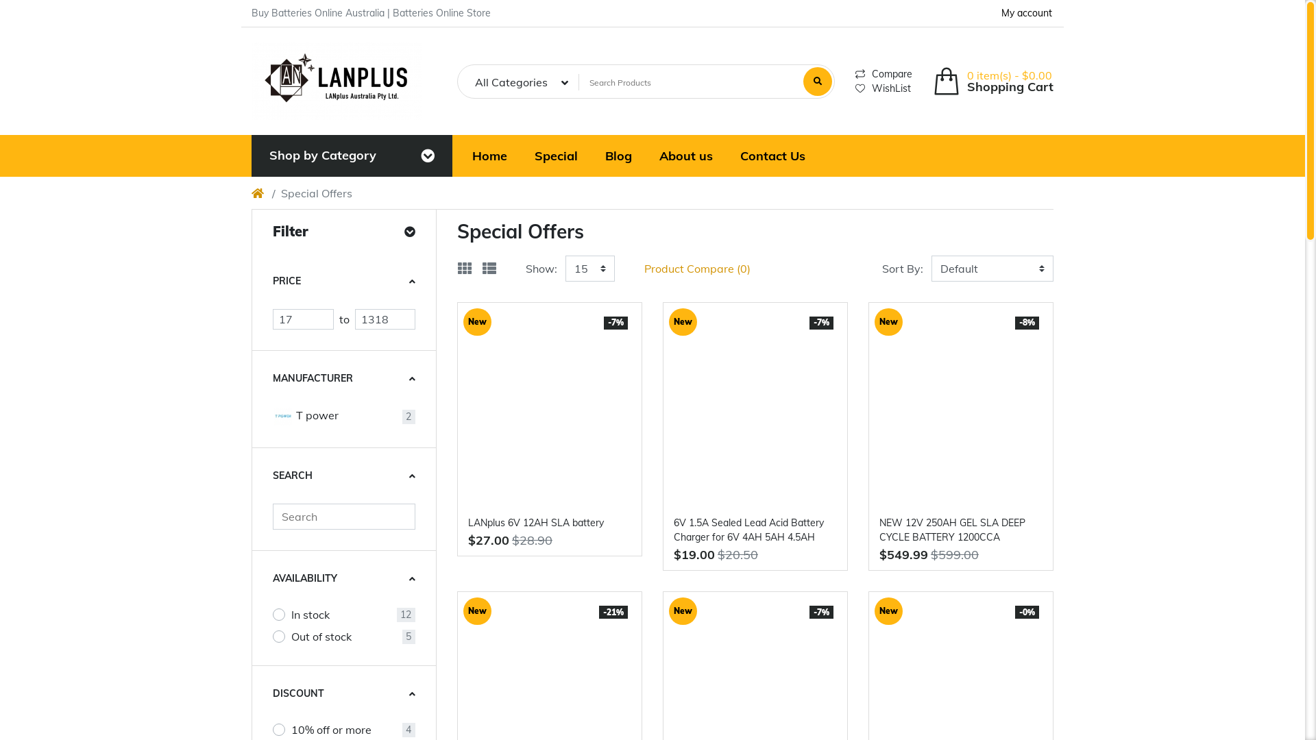 The height and width of the screenshot is (740, 1316). What do you see at coordinates (859, 88) in the screenshot?
I see `'WishList'` at bounding box center [859, 88].